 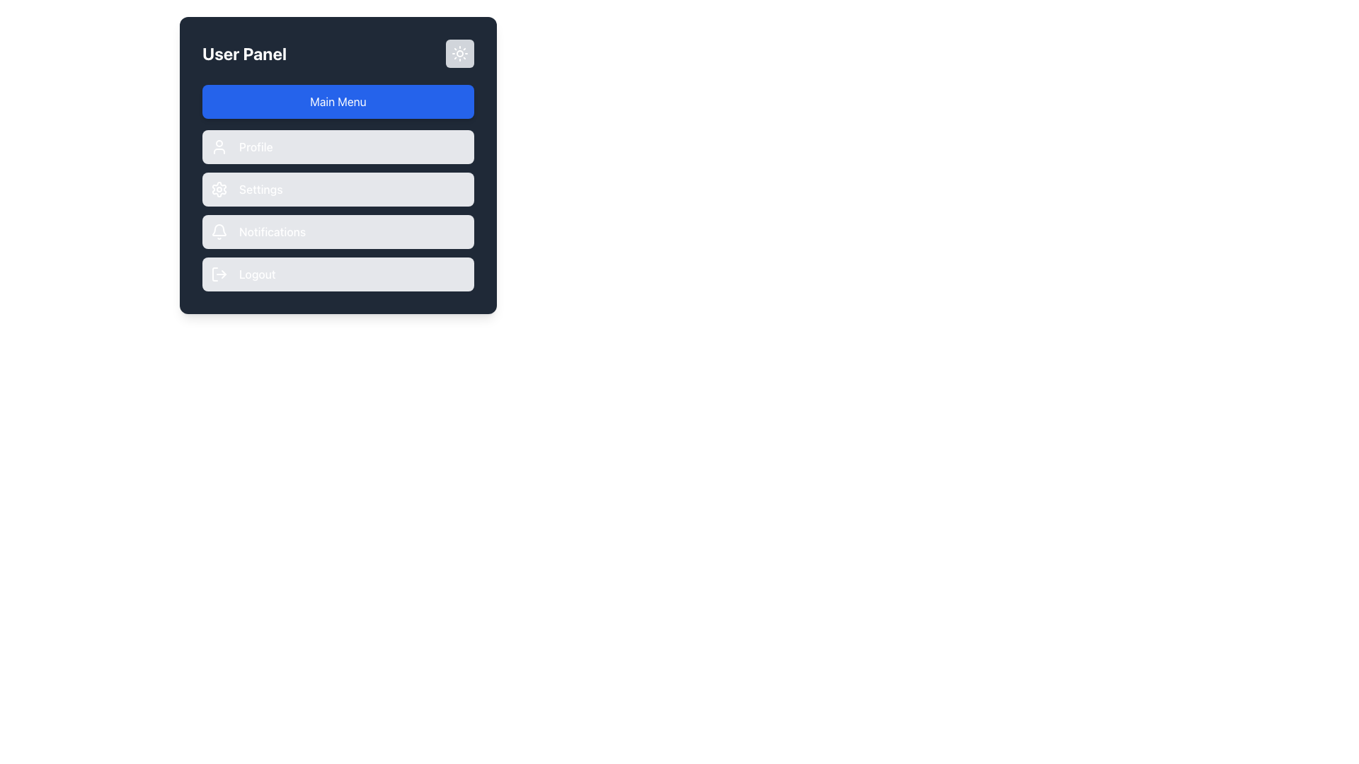 I want to click on the icon located at the top-right corner of the User Panel interface, so click(x=459, y=53).